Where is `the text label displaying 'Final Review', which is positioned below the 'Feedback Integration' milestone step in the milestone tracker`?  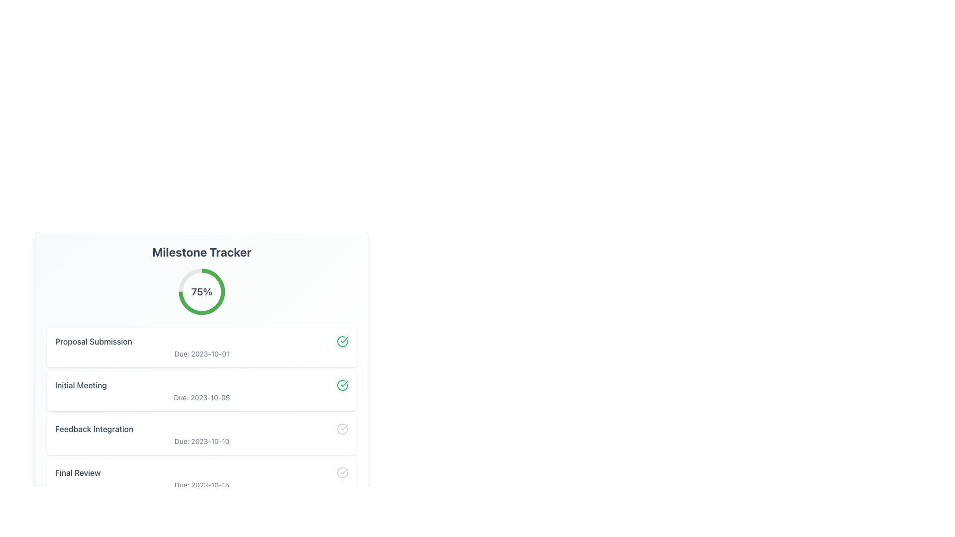
the text label displaying 'Final Review', which is positioned below the 'Feedback Integration' milestone step in the milestone tracker is located at coordinates (77, 472).